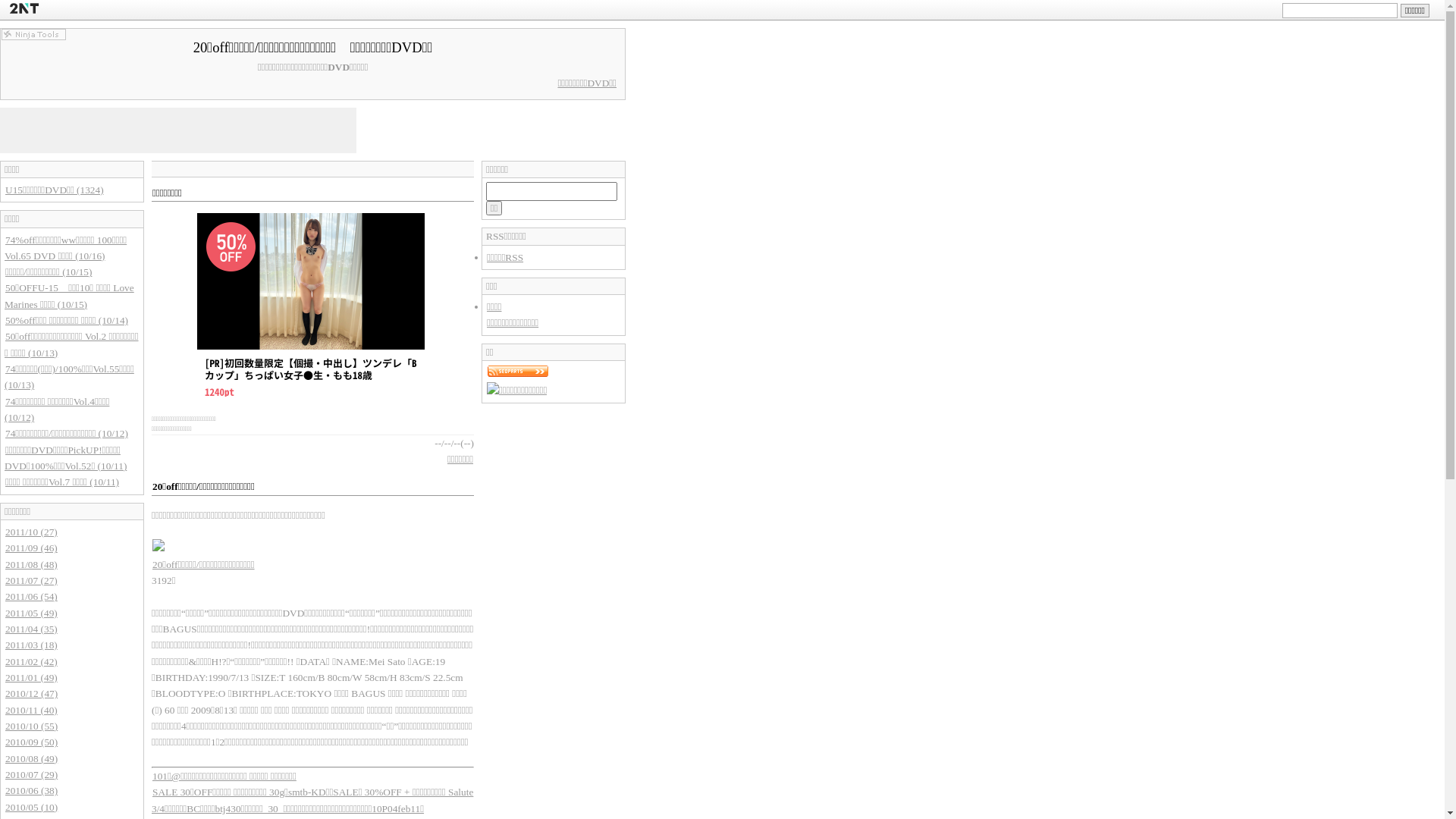 This screenshot has width=1456, height=819. I want to click on '2011/09 (46)', so click(4, 548).